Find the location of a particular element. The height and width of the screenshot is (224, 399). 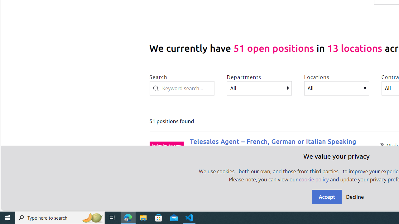

'Accept' is located at coordinates (326, 197).